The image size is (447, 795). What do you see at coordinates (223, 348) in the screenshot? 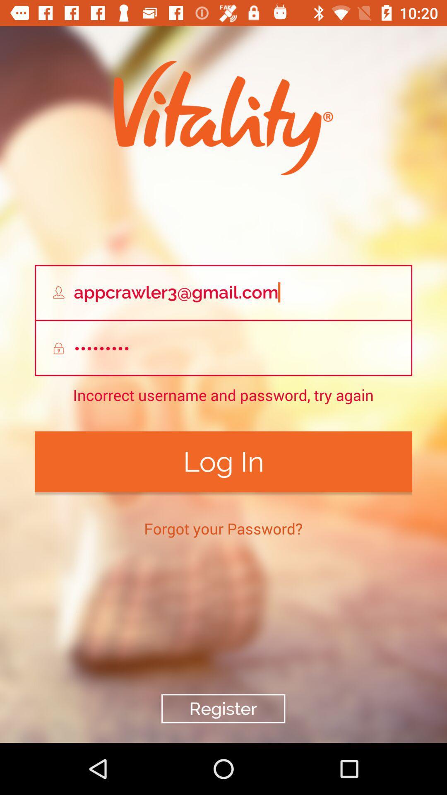
I see `crowd3116` at bounding box center [223, 348].